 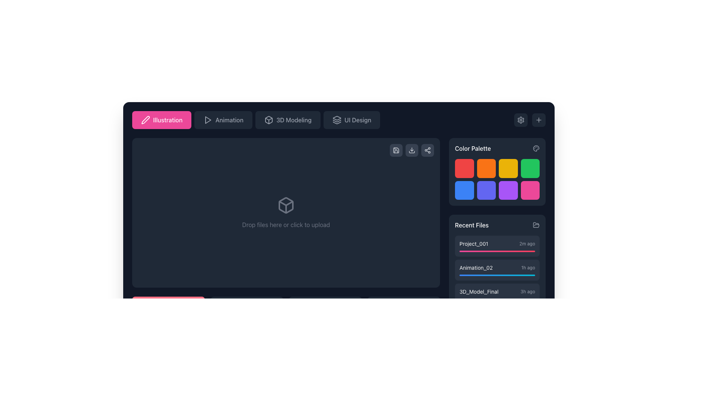 I want to click on the middle download icon button, which is styled with a rounded background and a hover effect, so click(x=411, y=150).